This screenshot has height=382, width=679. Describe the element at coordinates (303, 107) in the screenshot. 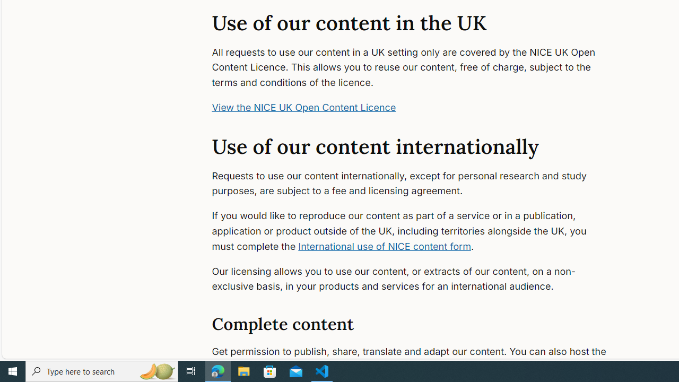

I see `'View the NICE UK Open Content Licence'` at that location.